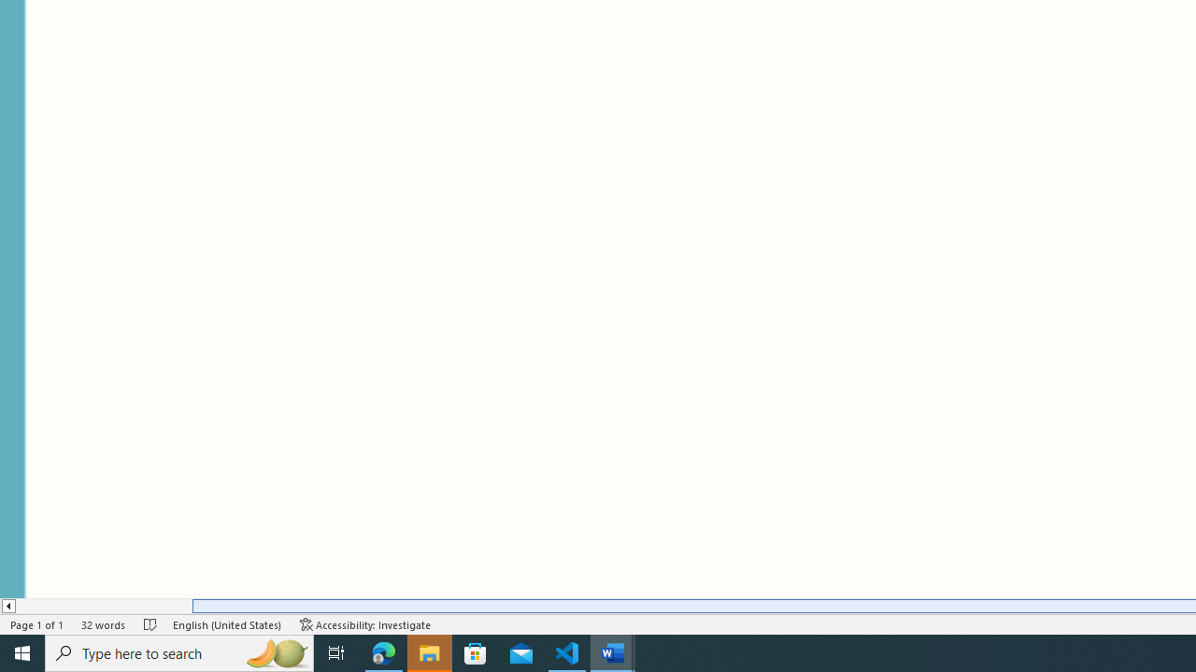  I want to click on 'Language English (United States)', so click(226, 624).